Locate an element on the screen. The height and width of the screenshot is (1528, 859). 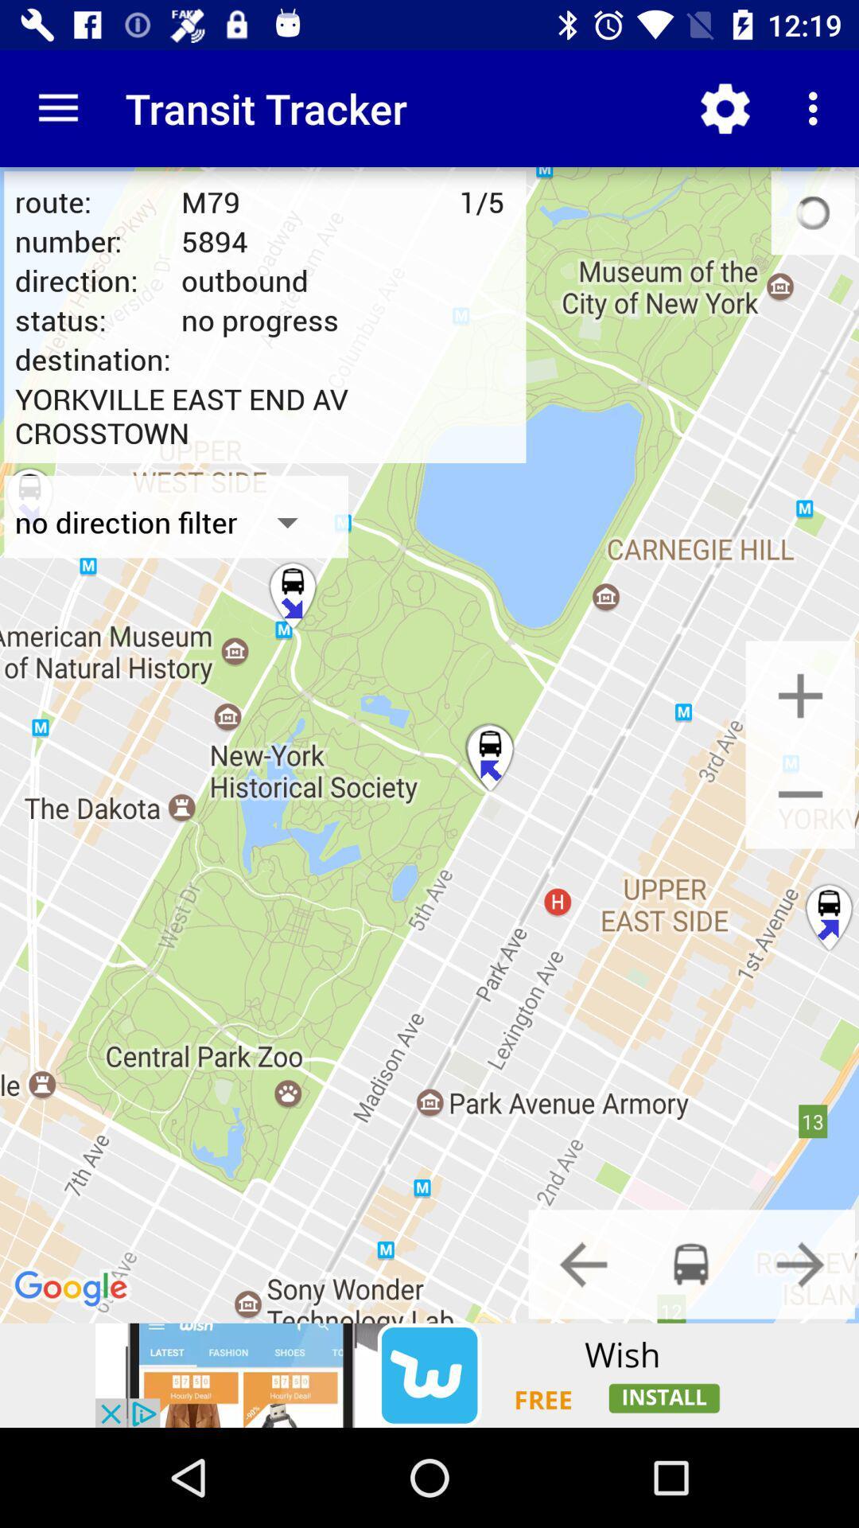
zoom out is located at coordinates (800, 793).